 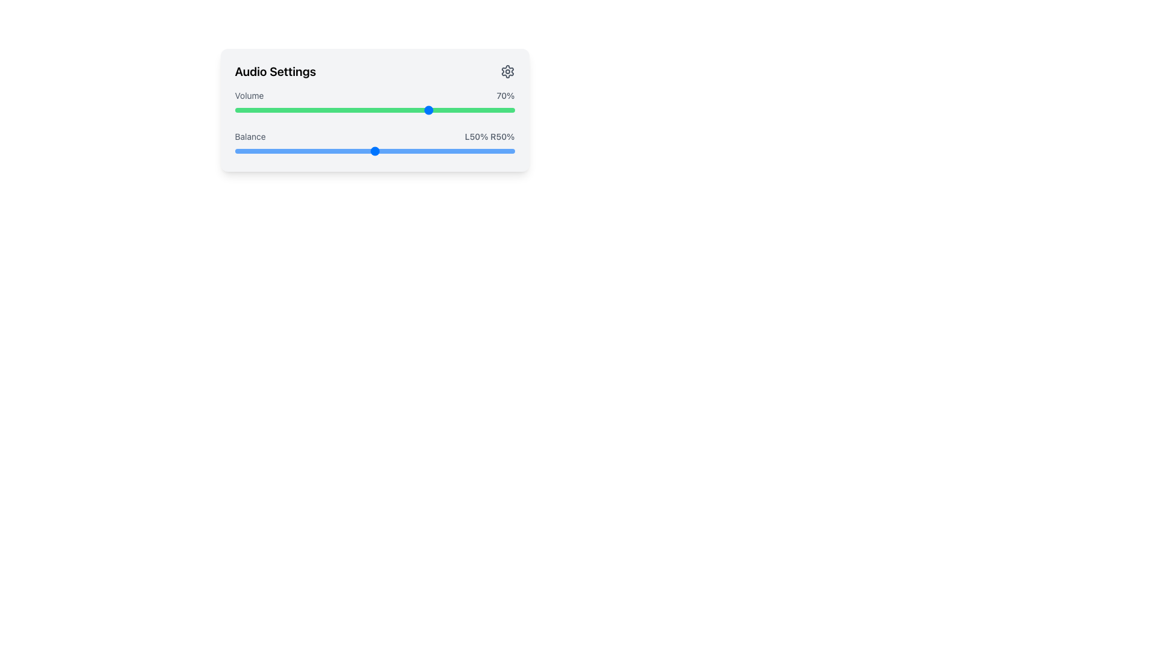 What do you see at coordinates (377, 150) in the screenshot?
I see `the balance` at bounding box center [377, 150].